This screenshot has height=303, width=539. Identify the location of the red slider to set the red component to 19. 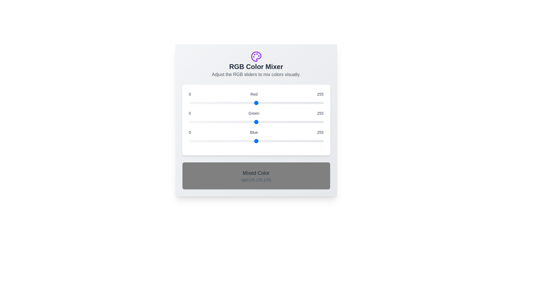
(199, 103).